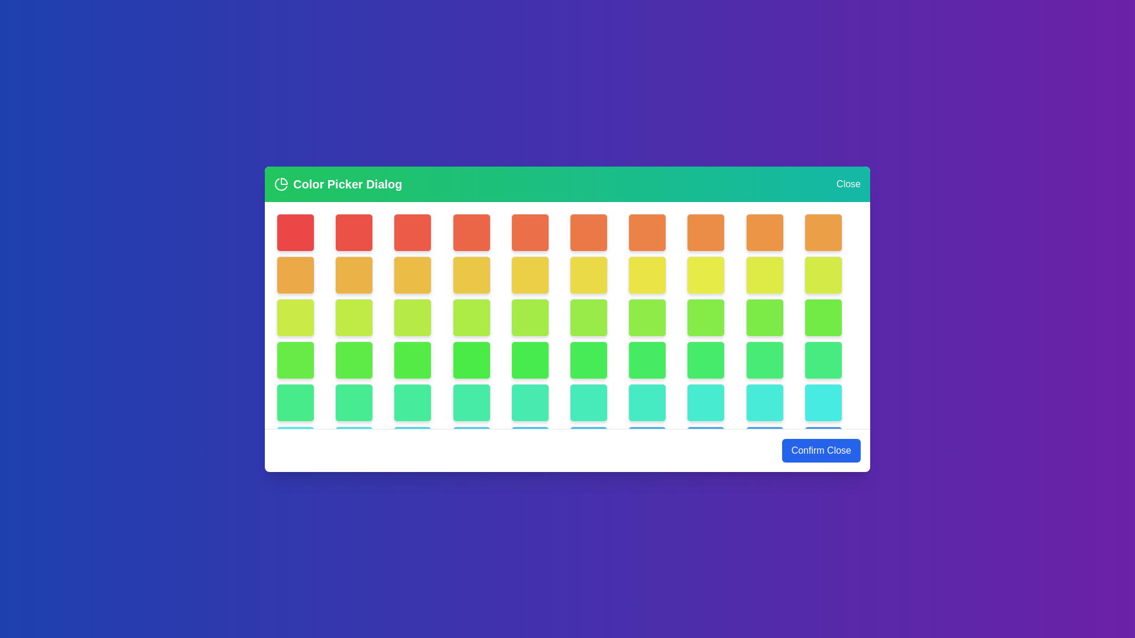 This screenshot has width=1135, height=638. What do you see at coordinates (848, 184) in the screenshot?
I see `the 'Close' button to close the dialog` at bounding box center [848, 184].